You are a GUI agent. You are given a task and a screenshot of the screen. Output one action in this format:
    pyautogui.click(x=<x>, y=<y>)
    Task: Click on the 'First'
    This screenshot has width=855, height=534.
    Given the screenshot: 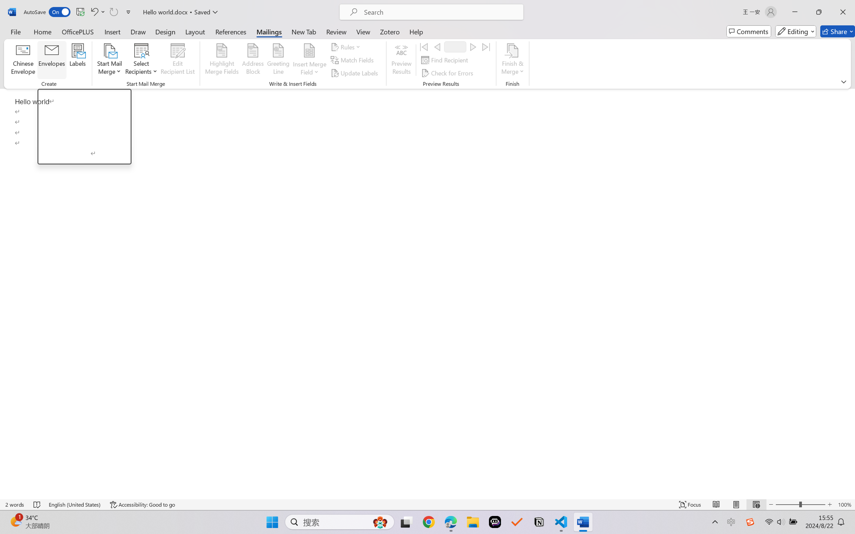 What is the action you would take?
    pyautogui.click(x=424, y=46)
    